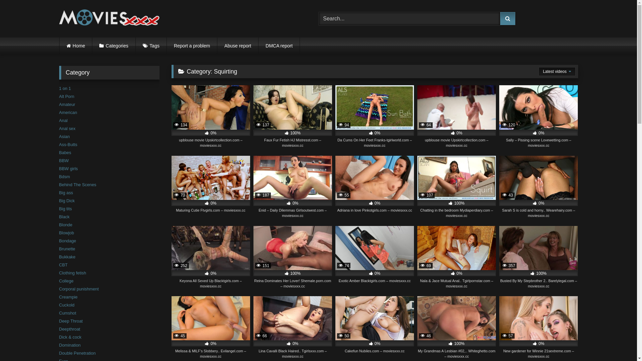 The width and height of the screenshot is (642, 361). I want to click on 'BBW', so click(64, 160).